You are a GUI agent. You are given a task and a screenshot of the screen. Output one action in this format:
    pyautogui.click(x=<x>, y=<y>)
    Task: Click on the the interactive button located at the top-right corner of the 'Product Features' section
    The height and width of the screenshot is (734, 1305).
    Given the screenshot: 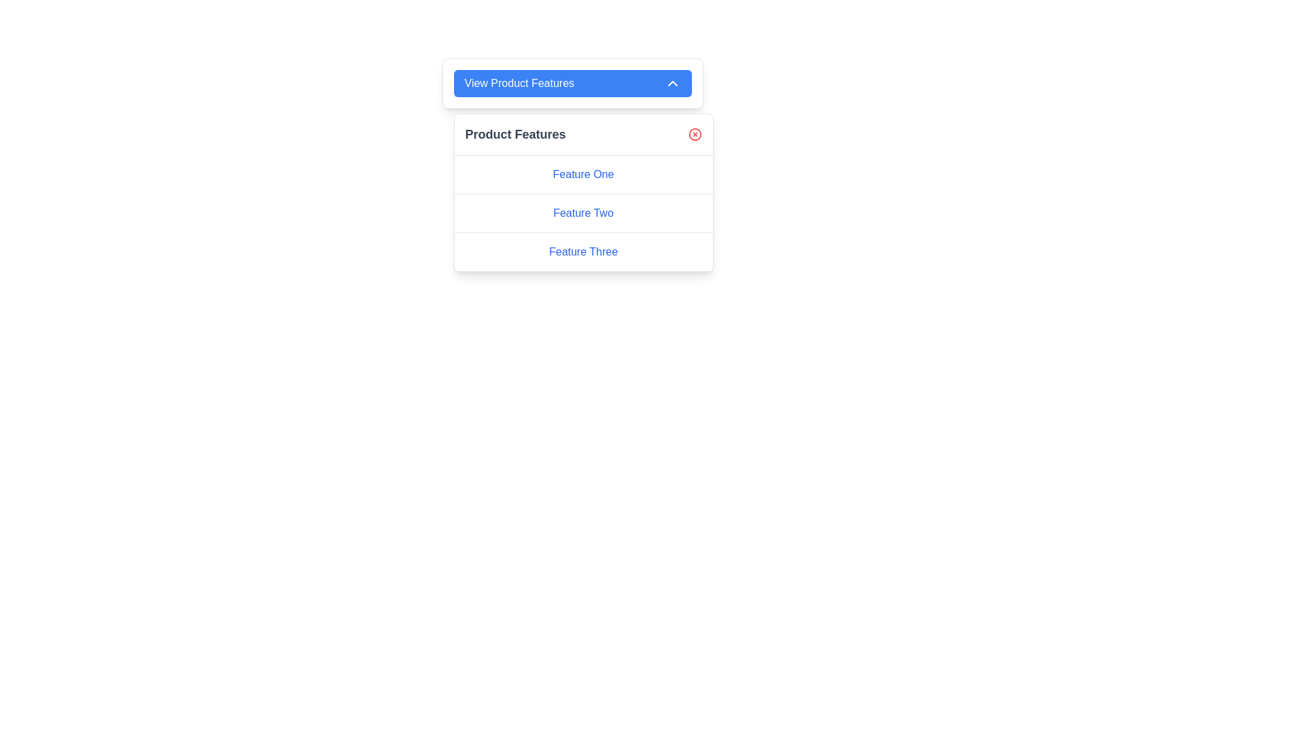 What is the action you would take?
    pyautogui.click(x=695, y=134)
    